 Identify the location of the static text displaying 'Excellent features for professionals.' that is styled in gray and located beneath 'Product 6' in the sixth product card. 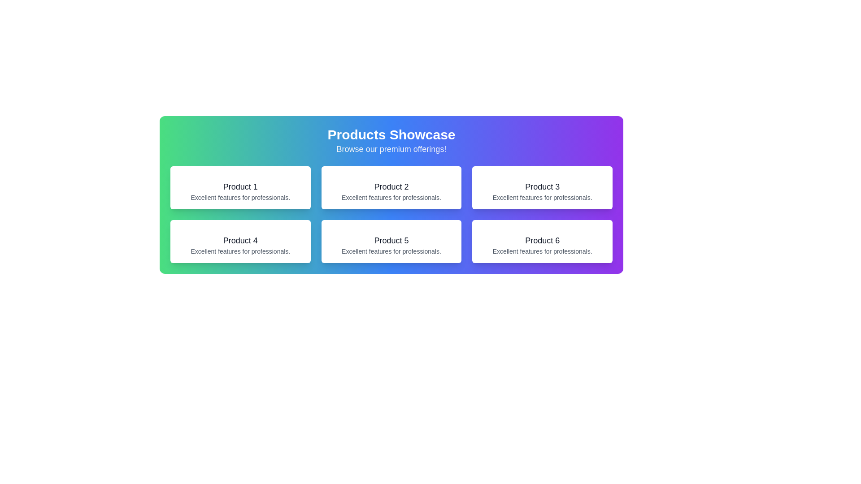
(542, 251).